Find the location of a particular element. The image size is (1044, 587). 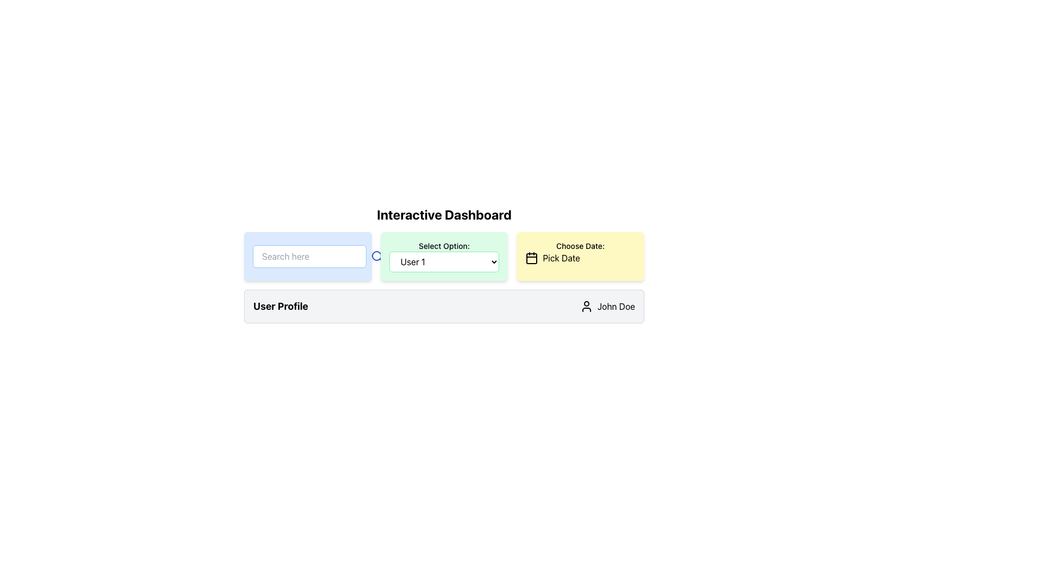

the 'Pick Date' text label, which is styled in bold font with dark text on a light yellow background, located next to a calendar icon within the 'Choose Date' section of the Interactive Dashboard is located at coordinates (561, 258).